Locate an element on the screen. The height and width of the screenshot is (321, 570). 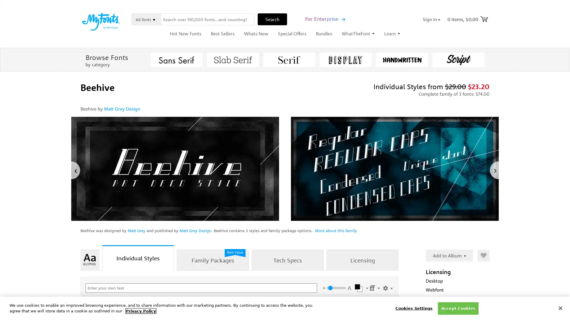
Settings Menu is located at coordinates (374, 288).